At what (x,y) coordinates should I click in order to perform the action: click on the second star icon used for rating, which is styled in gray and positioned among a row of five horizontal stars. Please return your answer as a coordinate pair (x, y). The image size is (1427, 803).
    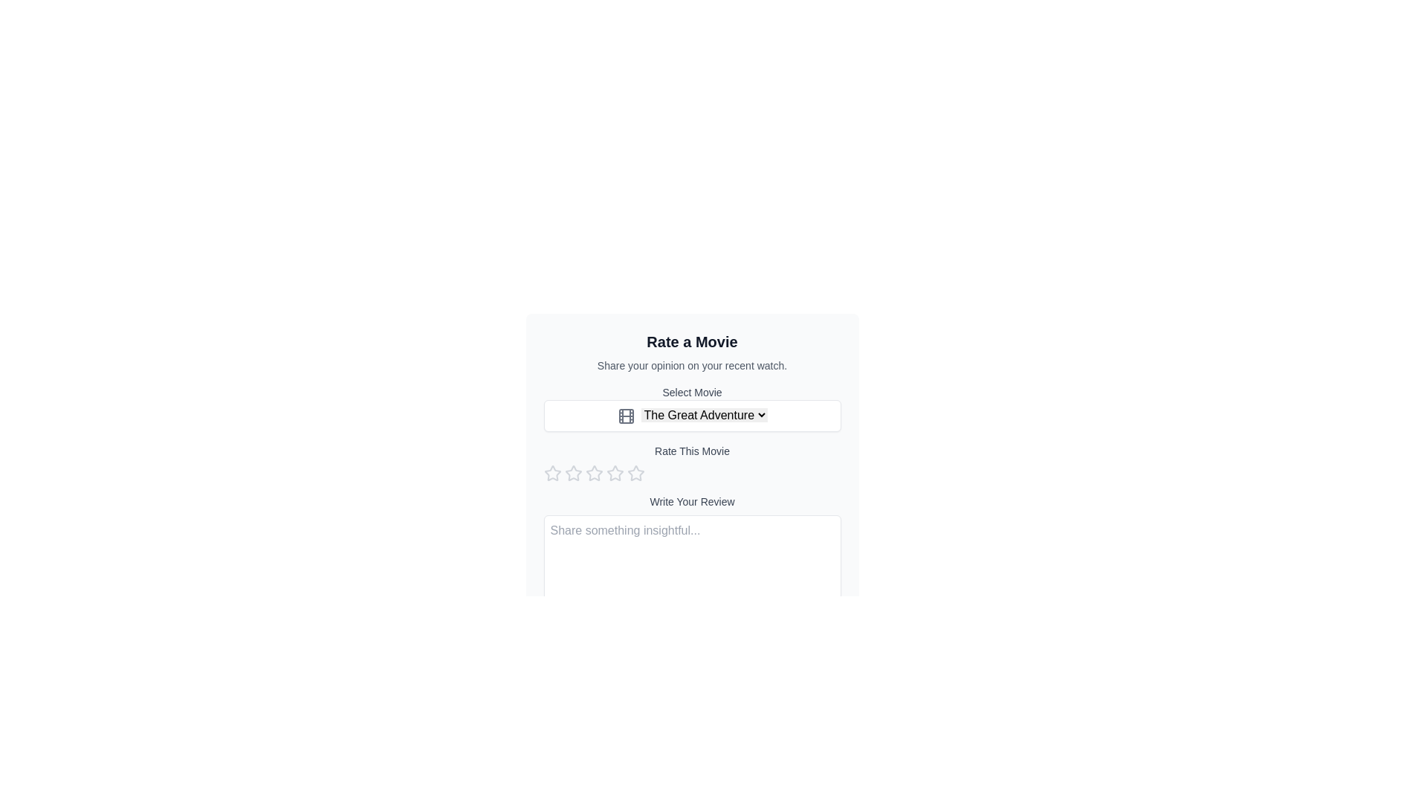
    Looking at the image, I should click on (572, 473).